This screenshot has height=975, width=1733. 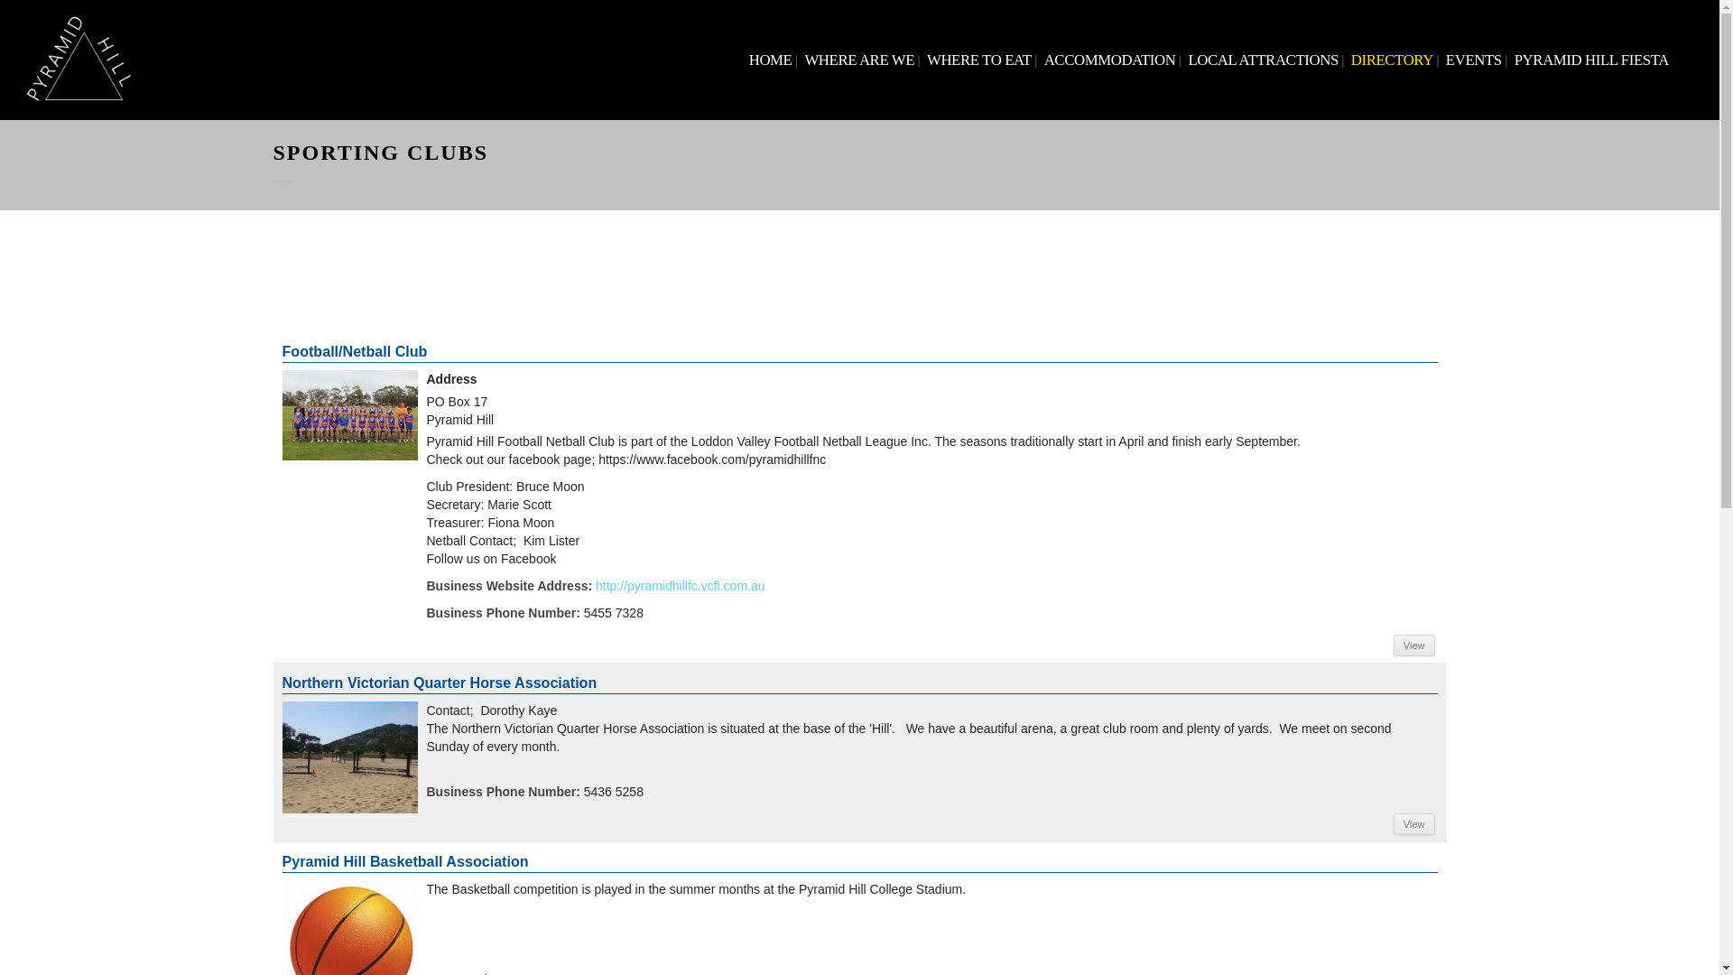 I want to click on 'EVENTS', so click(x=1473, y=59).